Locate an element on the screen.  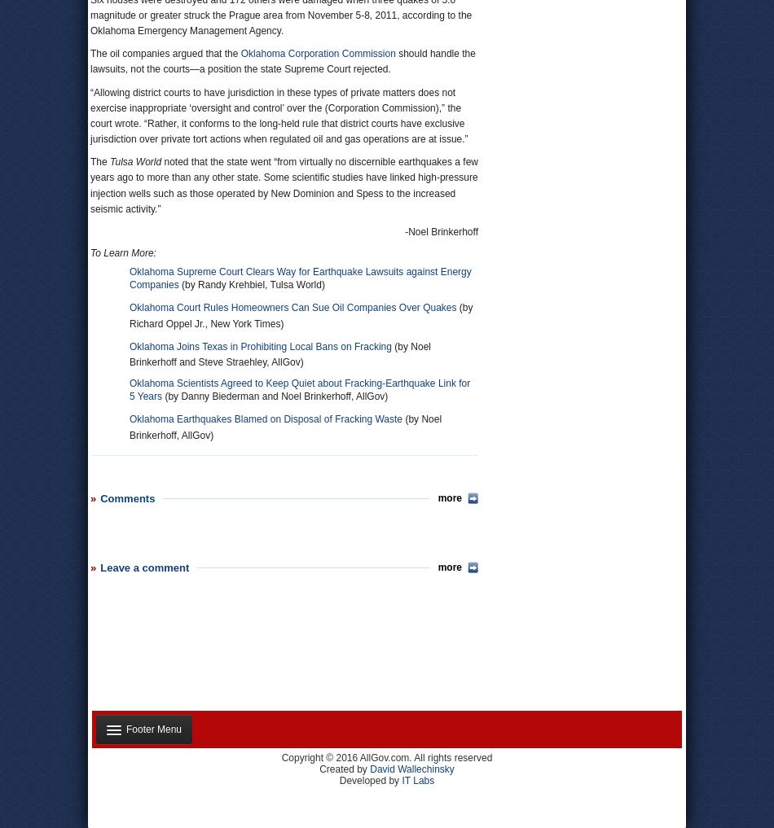
'The oil companies argued that the' is located at coordinates (165, 54).